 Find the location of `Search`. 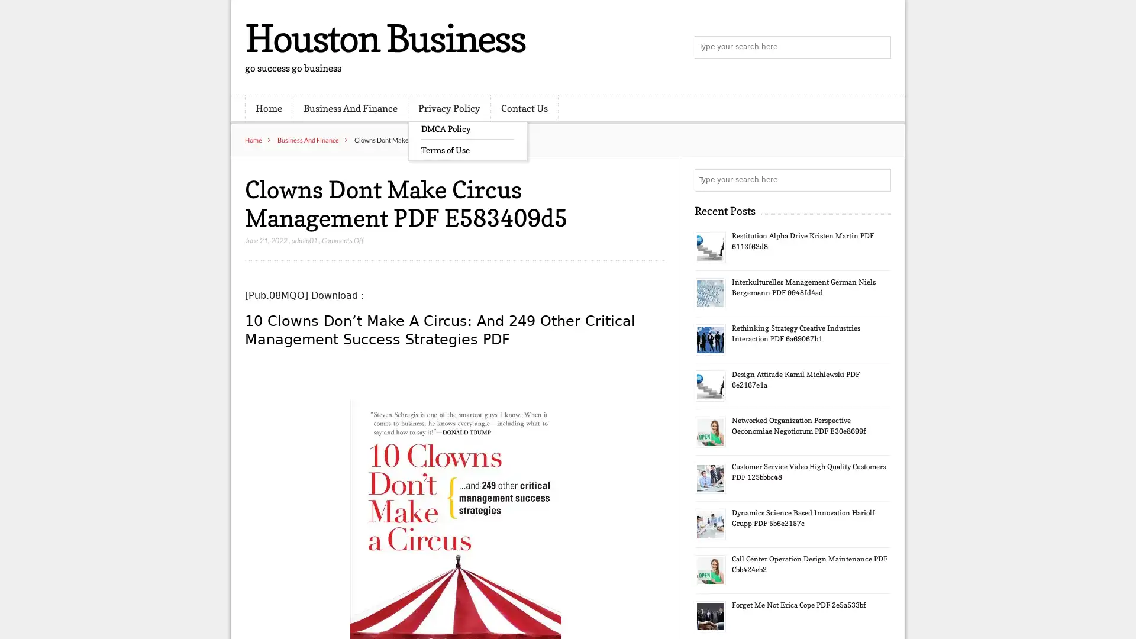

Search is located at coordinates (879, 180).